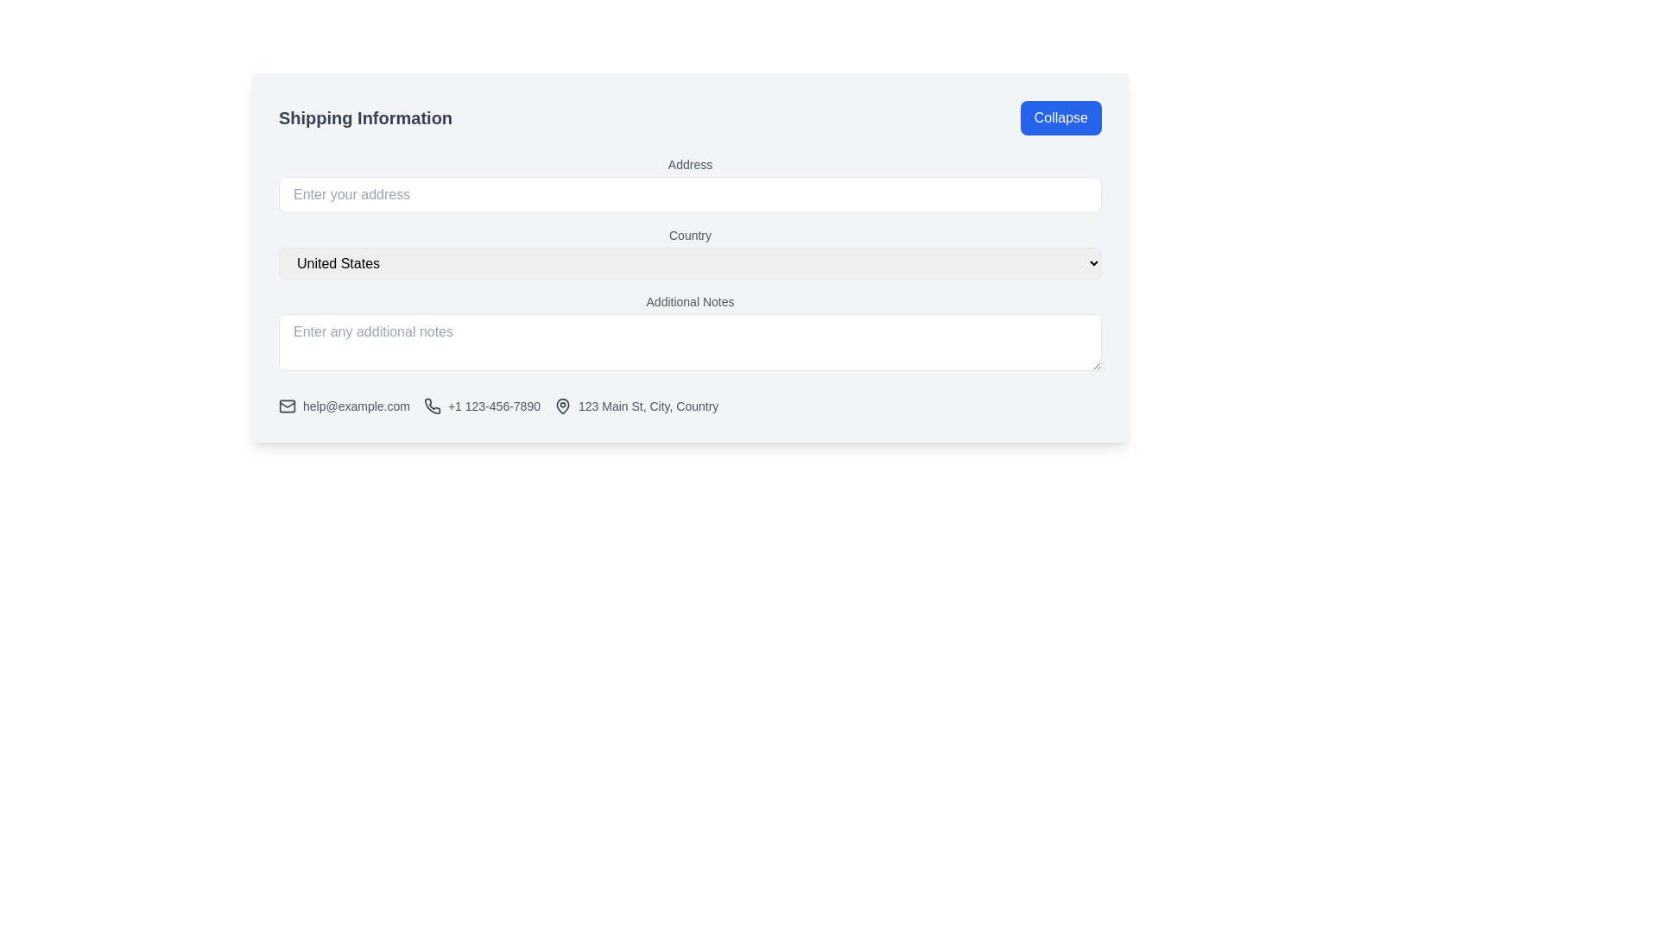  Describe the element at coordinates (689, 236) in the screenshot. I see `the text label displaying the word 'Country' which is styled with gray color and is positioned above the dropdown menu` at that location.